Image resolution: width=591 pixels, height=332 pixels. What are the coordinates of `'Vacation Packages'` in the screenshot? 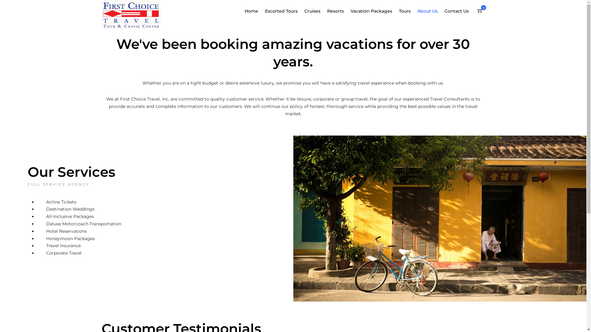 It's located at (373, 11).